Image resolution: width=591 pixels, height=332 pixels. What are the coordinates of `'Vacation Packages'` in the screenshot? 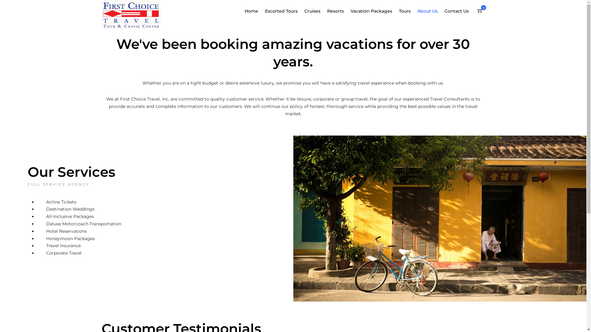 It's located at (373, 11).